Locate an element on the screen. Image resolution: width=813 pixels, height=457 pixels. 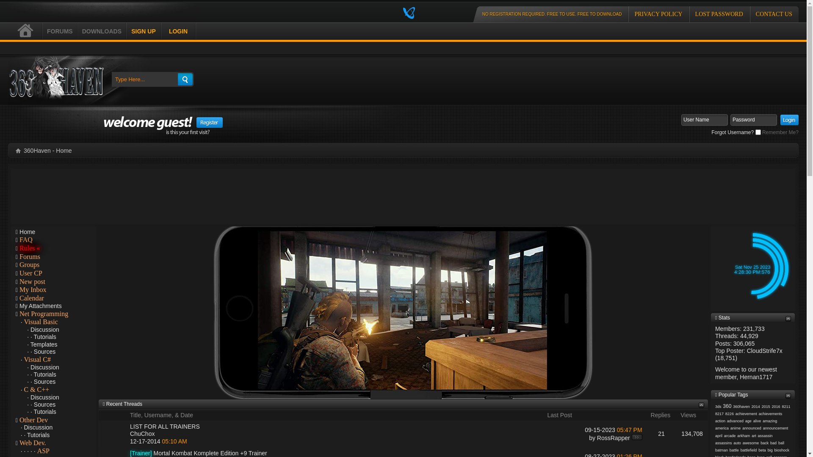
'Other Dev' is located at coordinates (33, 420).